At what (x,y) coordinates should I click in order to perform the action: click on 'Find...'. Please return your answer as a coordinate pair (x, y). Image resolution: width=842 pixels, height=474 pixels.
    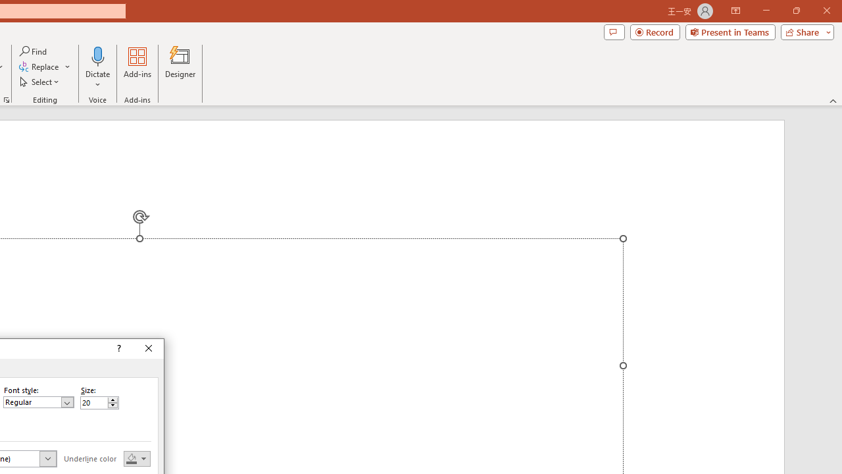
    Looking at the image, I should click on (34, 51).